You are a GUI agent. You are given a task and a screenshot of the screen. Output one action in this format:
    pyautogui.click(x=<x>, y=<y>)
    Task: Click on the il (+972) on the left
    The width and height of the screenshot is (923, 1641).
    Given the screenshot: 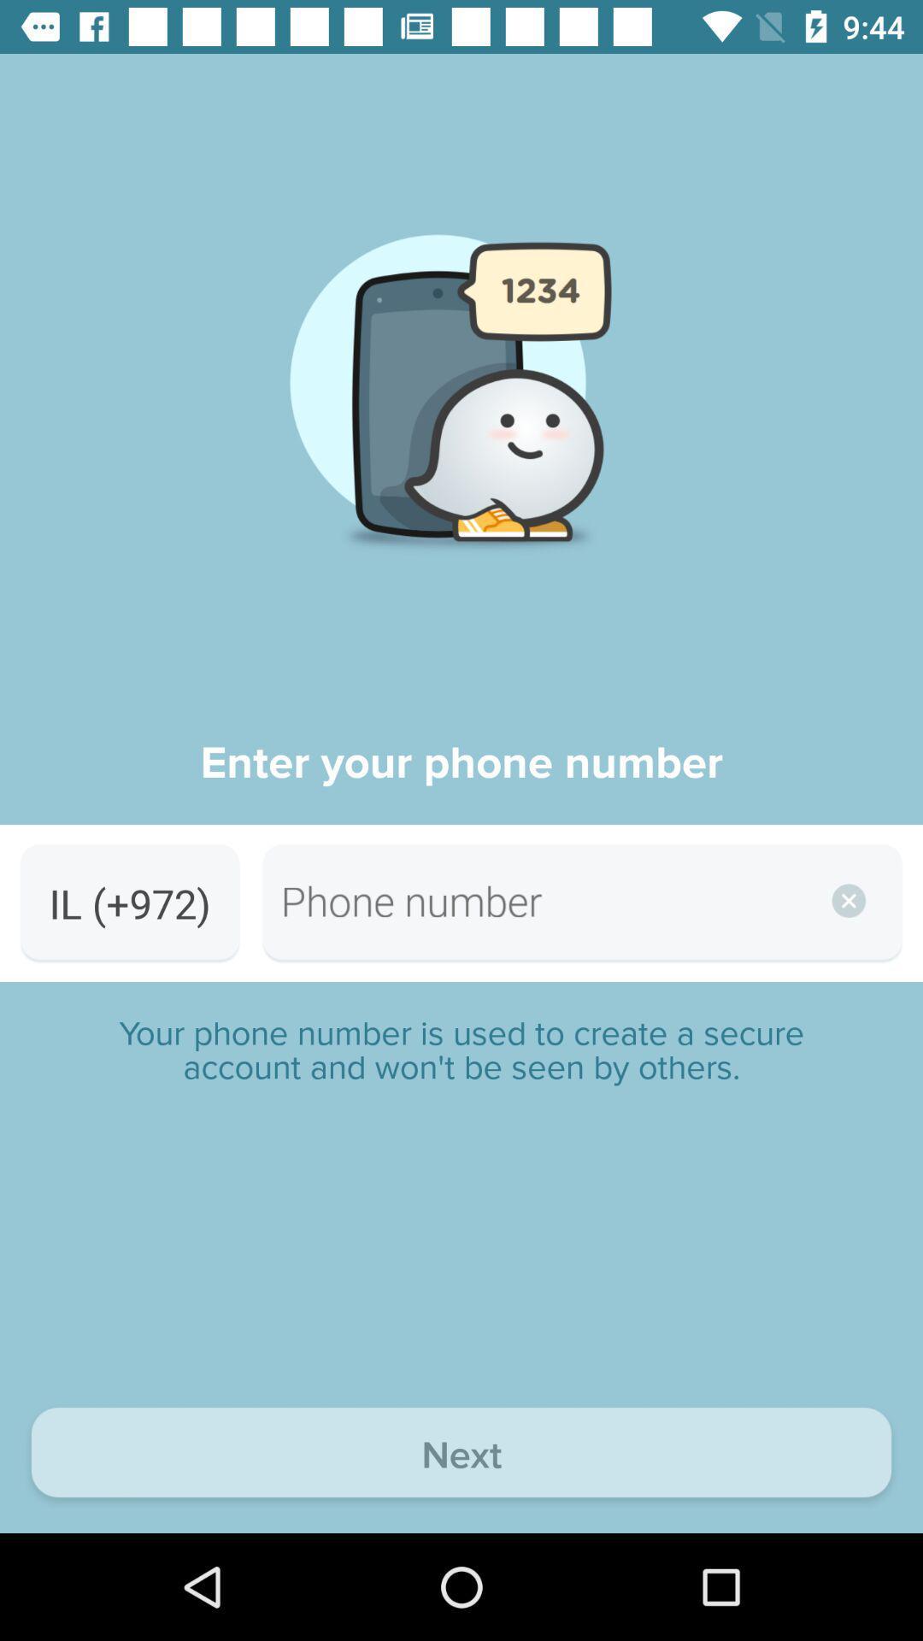 What is the action you would take?
    pyautogui.click(x=129, y=903)
    